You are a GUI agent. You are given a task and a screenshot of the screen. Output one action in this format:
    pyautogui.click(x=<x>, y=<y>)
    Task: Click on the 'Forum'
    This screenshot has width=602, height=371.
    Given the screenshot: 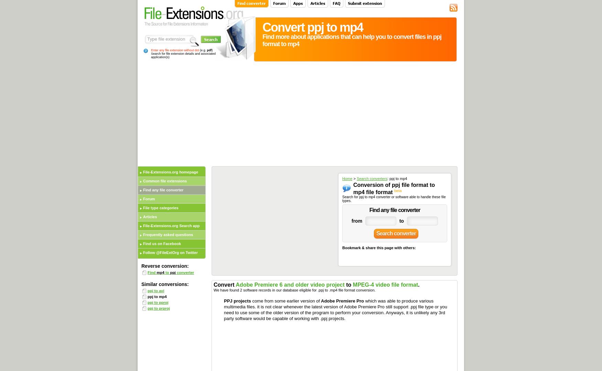 What is the action you would take?
    pyautogui.click(x=148, y=199)
    